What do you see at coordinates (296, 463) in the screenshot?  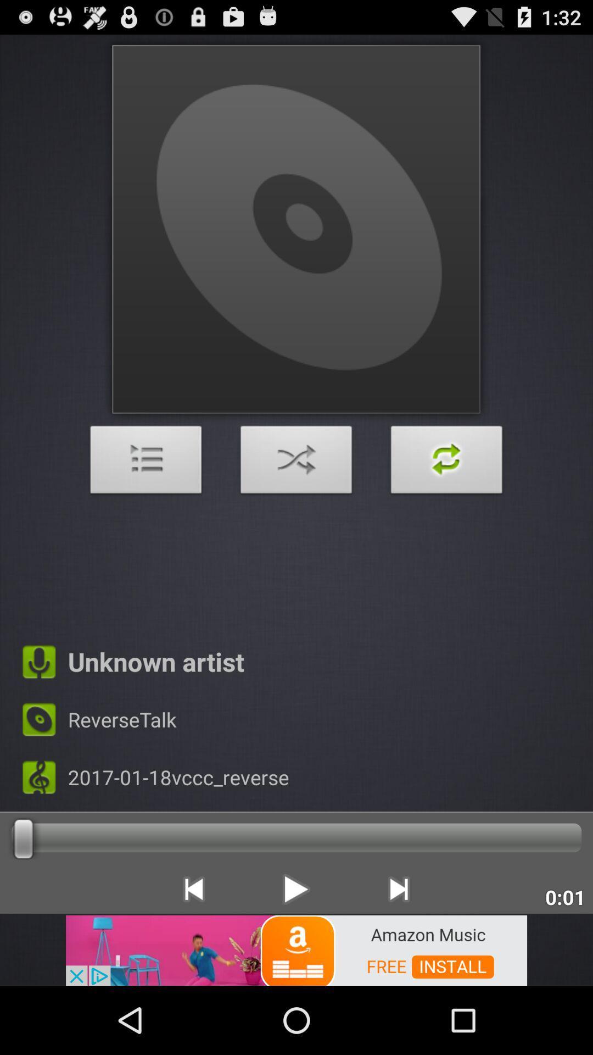 I see `shuffle the songs` at bounding box center [296, 463].